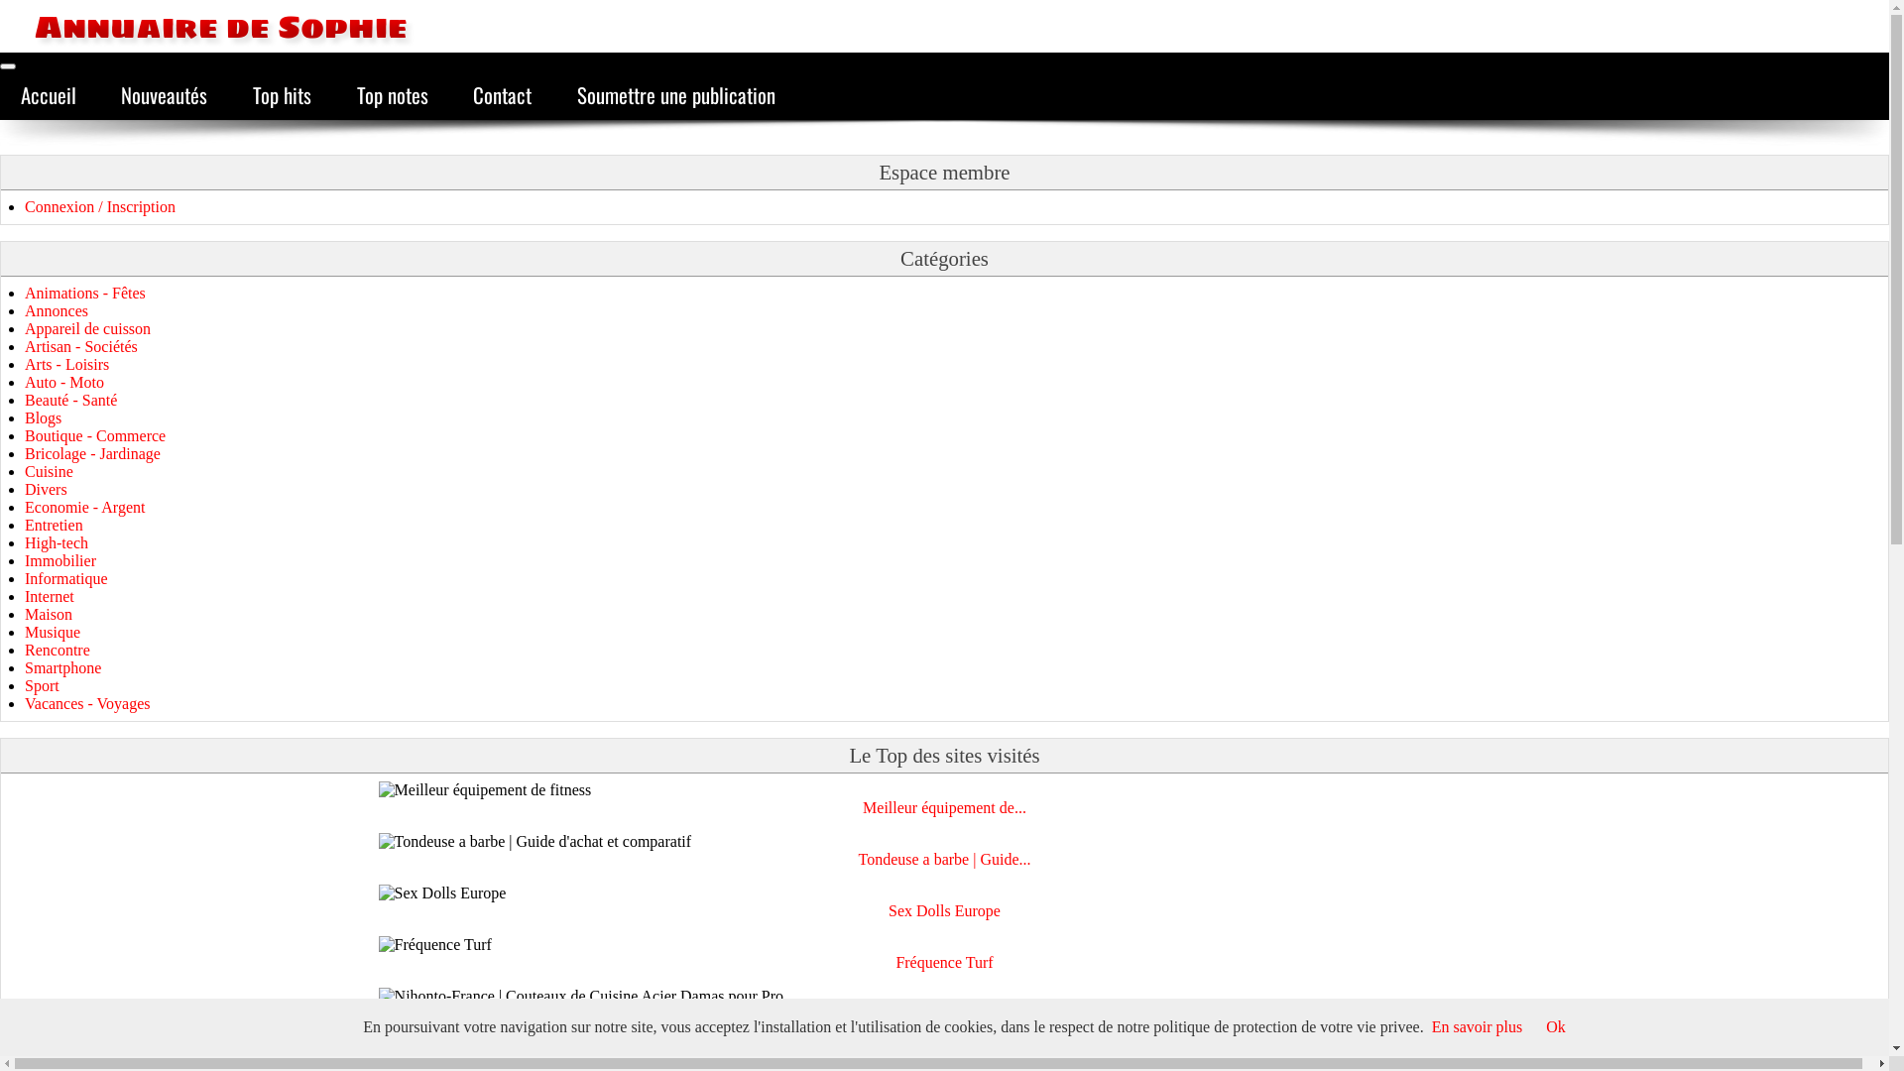  Describe the element at coordinates (1555, 1026) in the screenshot. I see `'Ok'` at that location.